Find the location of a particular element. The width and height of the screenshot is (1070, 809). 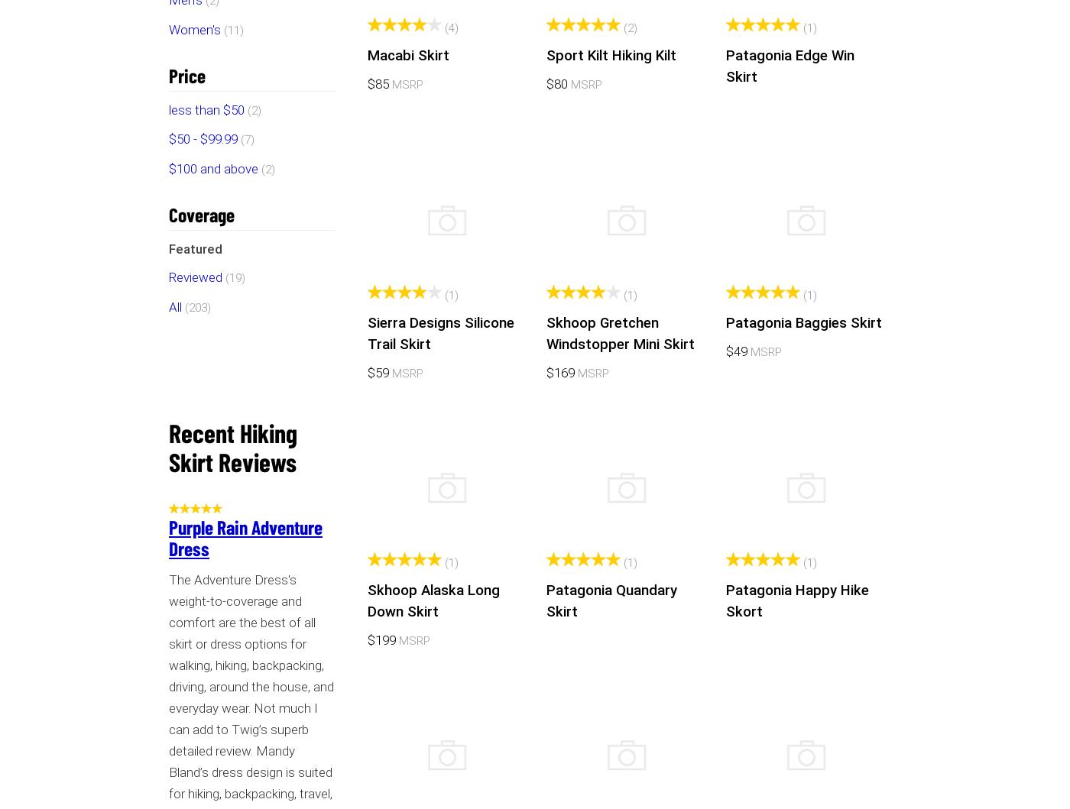

'Coverage' is located at coordinates (201, 213).